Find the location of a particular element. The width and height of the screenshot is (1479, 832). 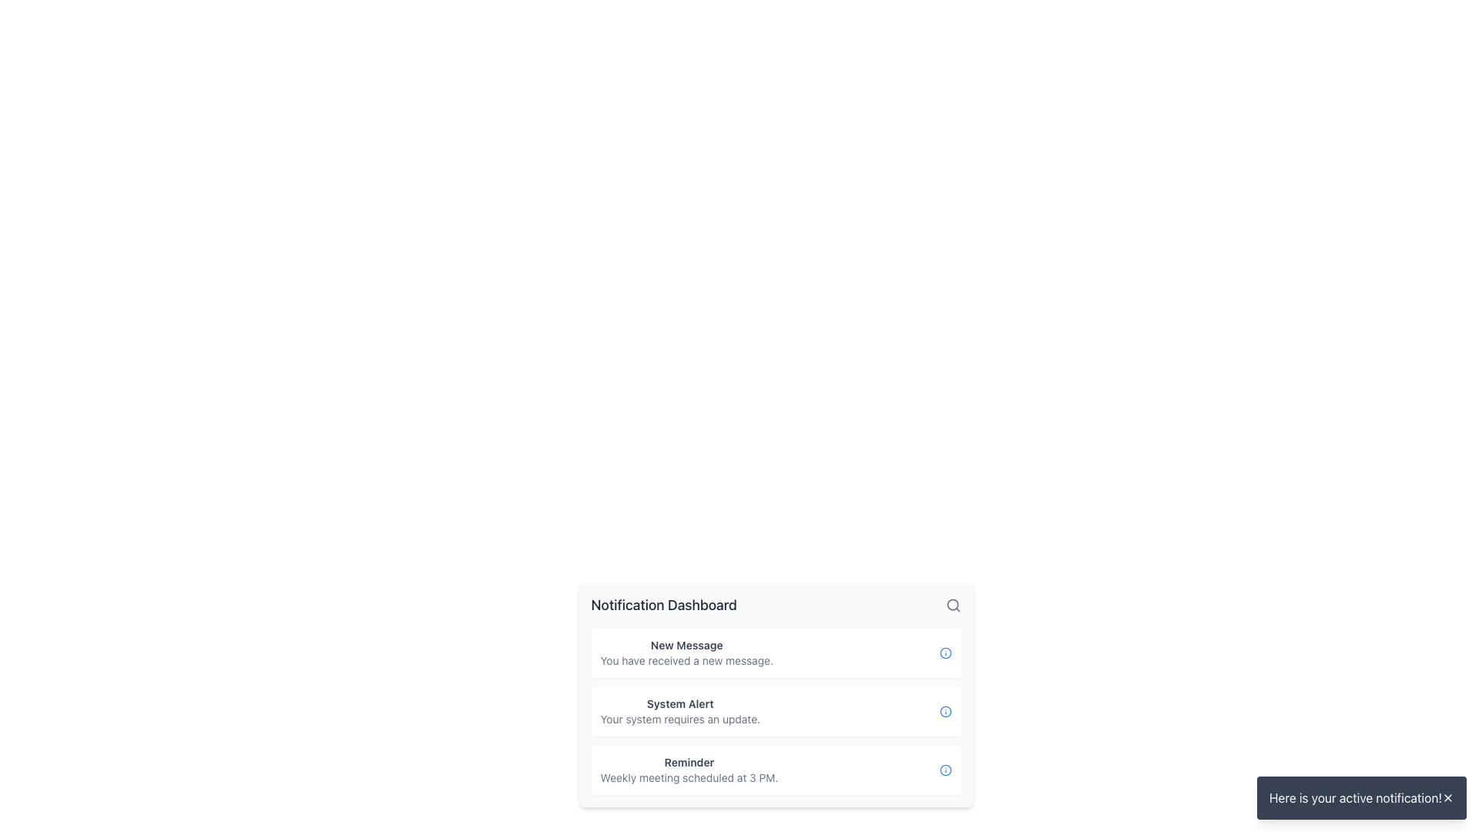

the text on the Title bar of the notification panel to identify its purpose is located at coordinates (776, 605).